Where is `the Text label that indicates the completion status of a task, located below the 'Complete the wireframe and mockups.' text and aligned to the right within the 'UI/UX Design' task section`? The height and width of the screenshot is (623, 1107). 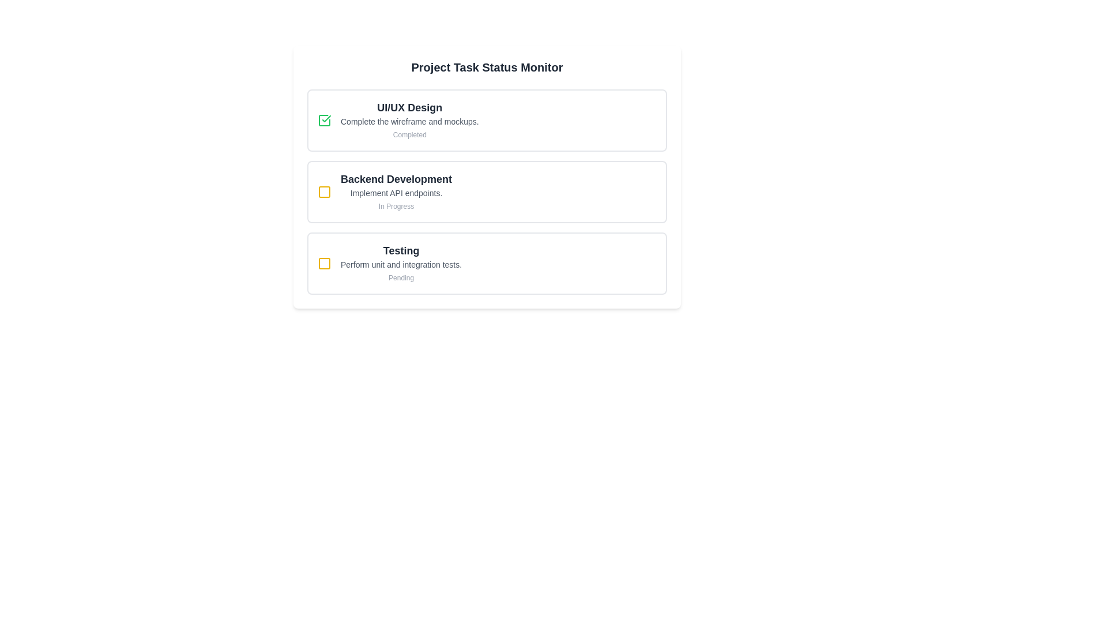
the Text label that indicates the completion status of a task, located below the 'Complete the wireframe and mockups.' text and aligned to the right within the 'UI/UX Design' task section is located at coordinates (409, 134).